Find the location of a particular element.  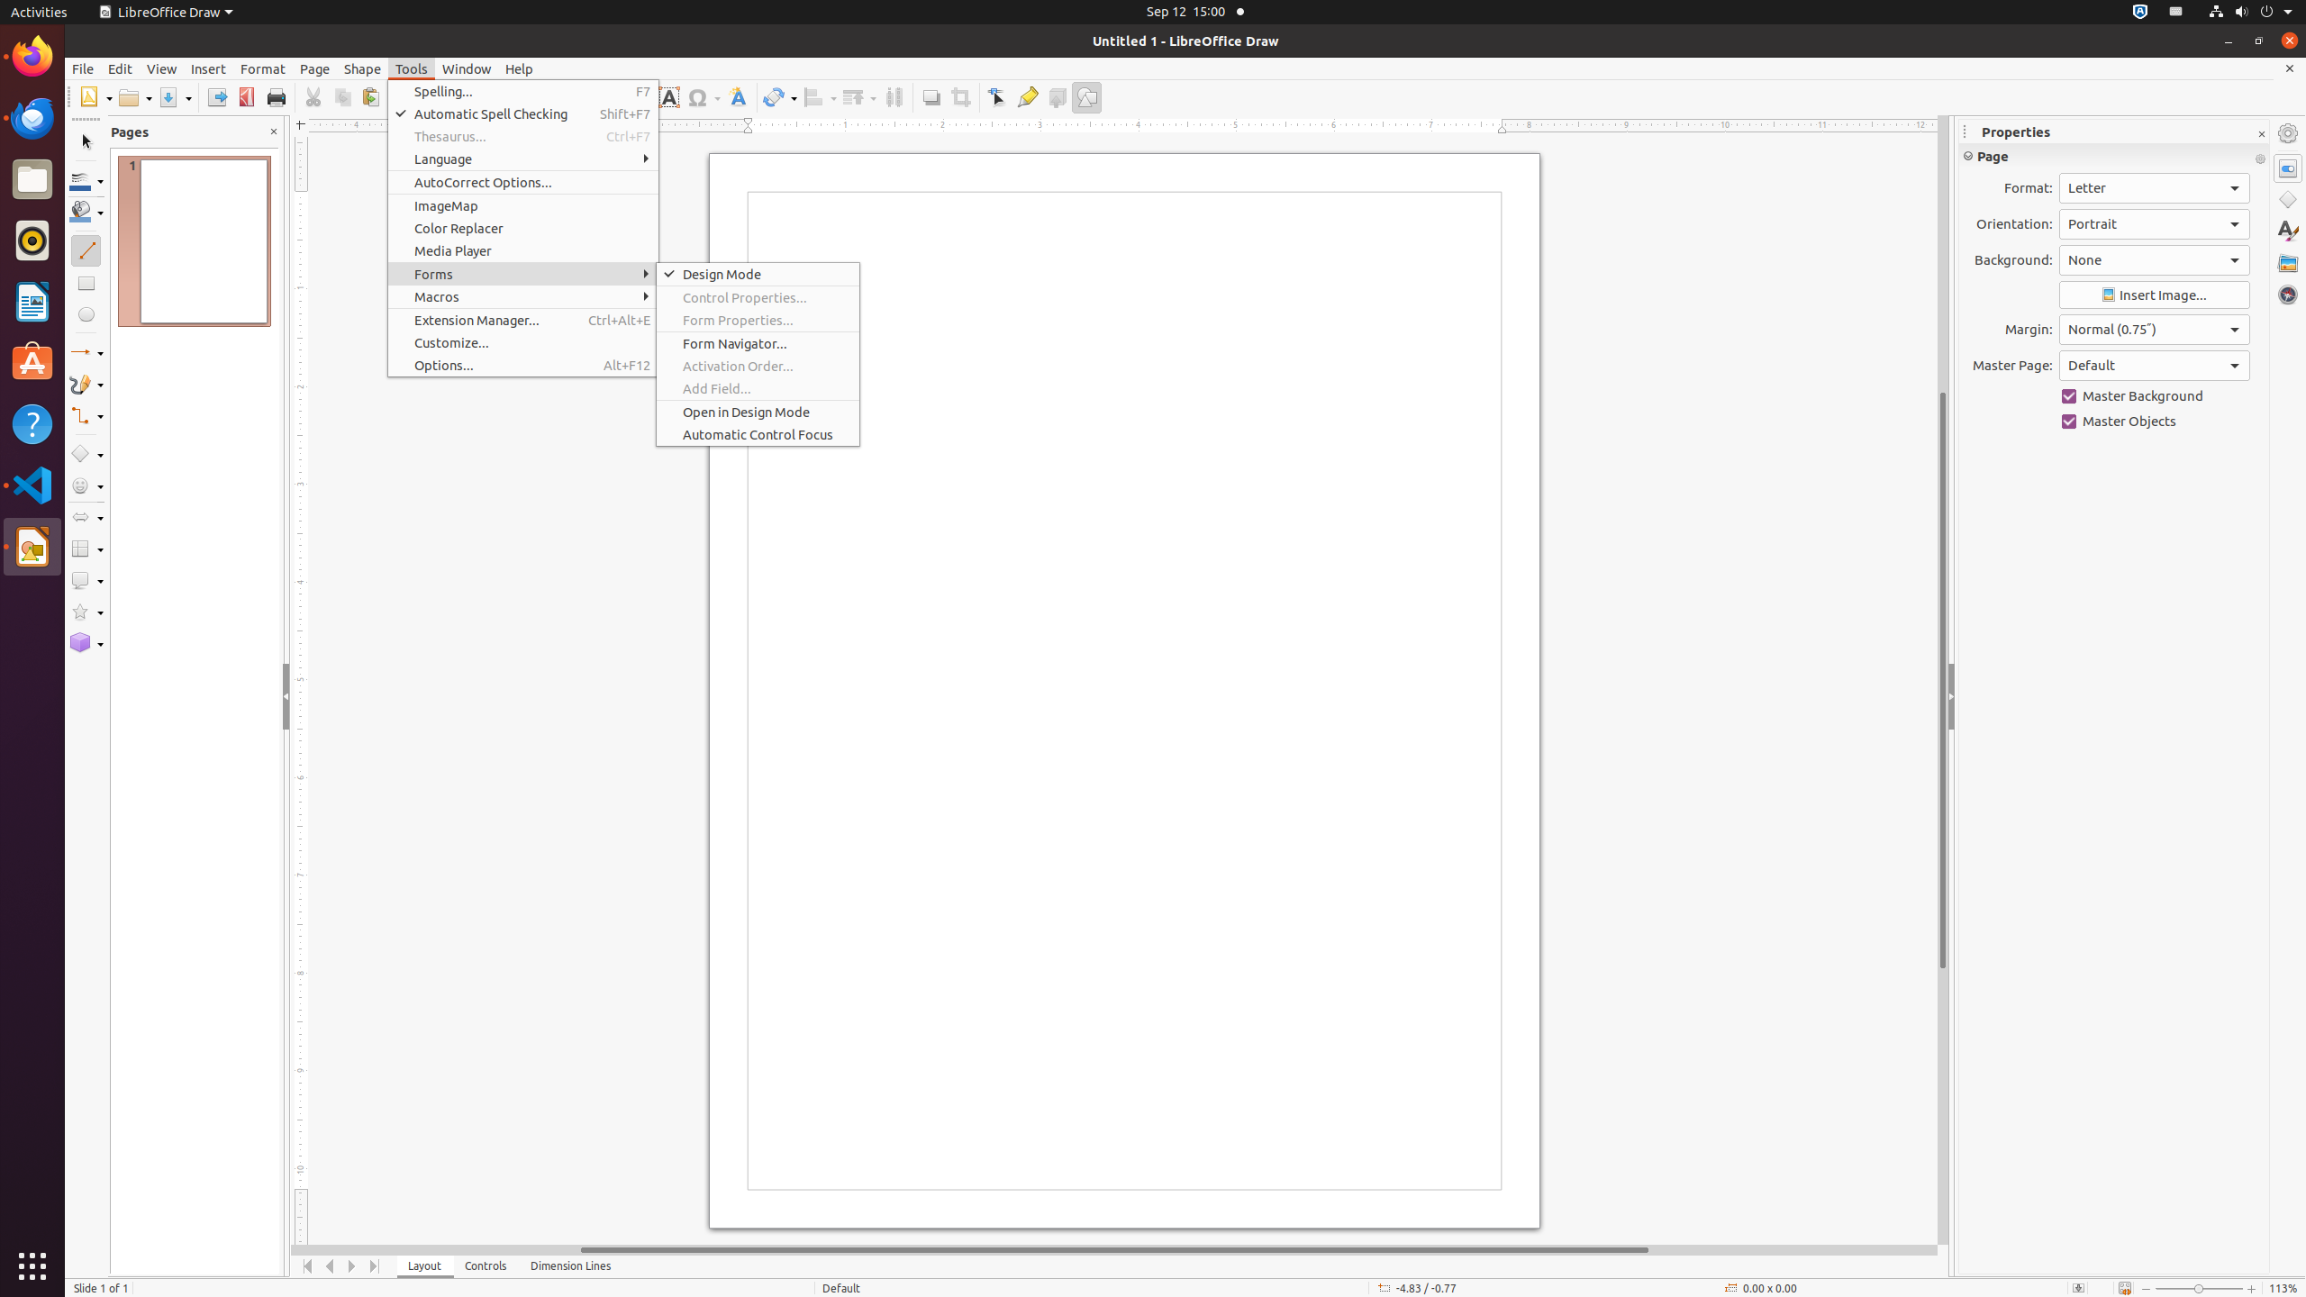

'Shape' is located at coordinates (361, 68).